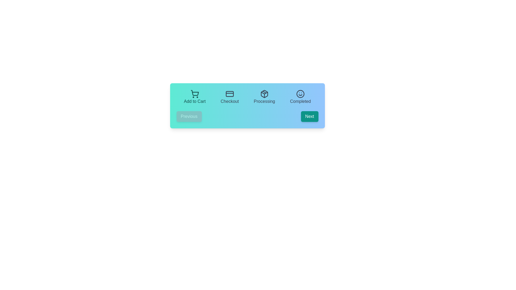 Image resolution: width=516 pixels, height=290 pixels. What do you see at coordinates (230, 97) in the screenshot?
I see `the step labeled Checkout to focus on it` at bounding box center [230, 97].